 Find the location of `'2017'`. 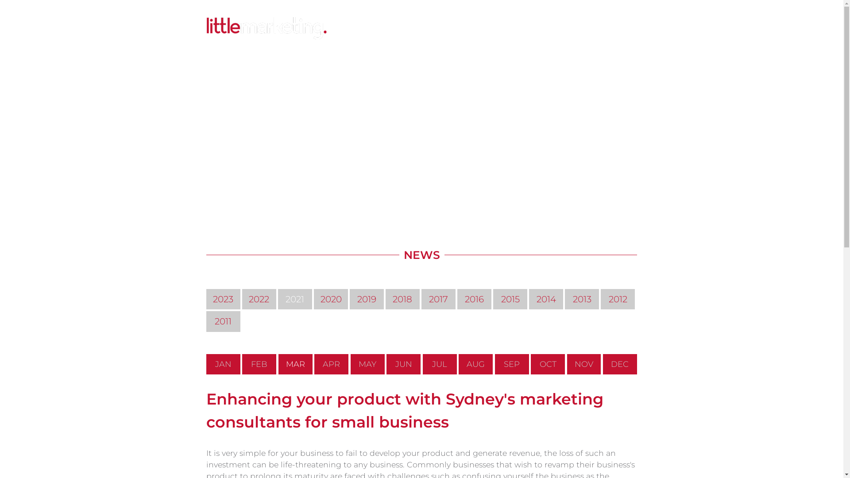

'2017' is located at coordinates (438, 299).